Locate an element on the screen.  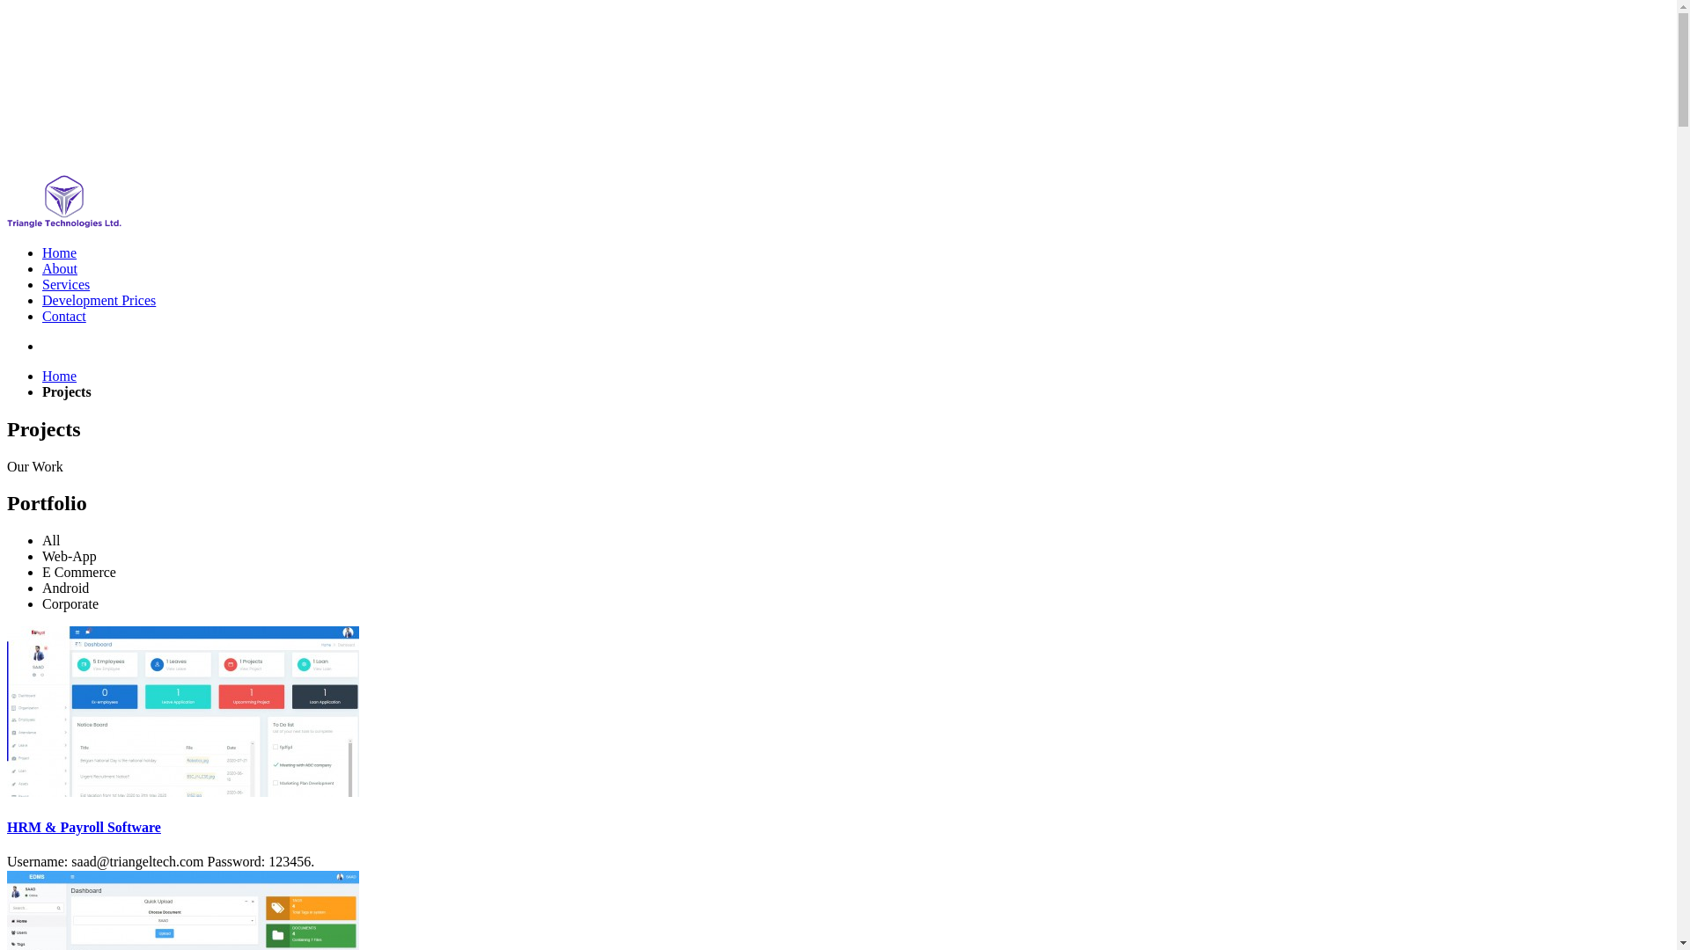
'Contact' is located at coordinates (63, 315).